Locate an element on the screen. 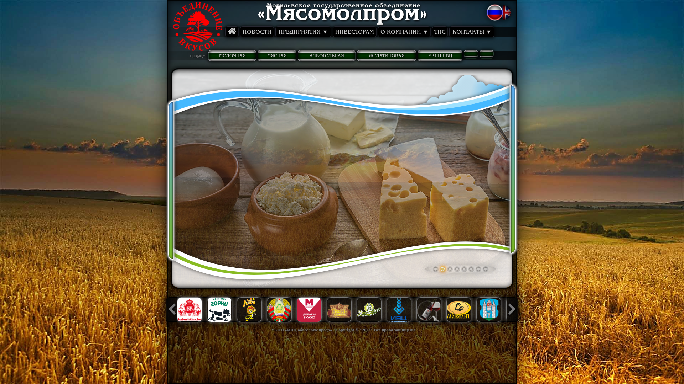  'English language' is located at coordinates (506, 14).